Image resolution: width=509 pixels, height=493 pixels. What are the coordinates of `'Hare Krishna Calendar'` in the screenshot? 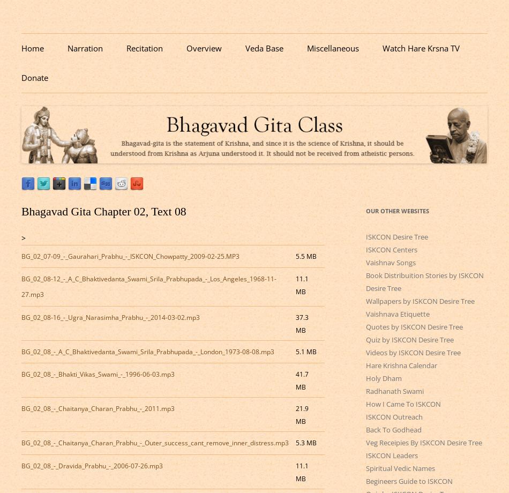 It's located at (401, 364).